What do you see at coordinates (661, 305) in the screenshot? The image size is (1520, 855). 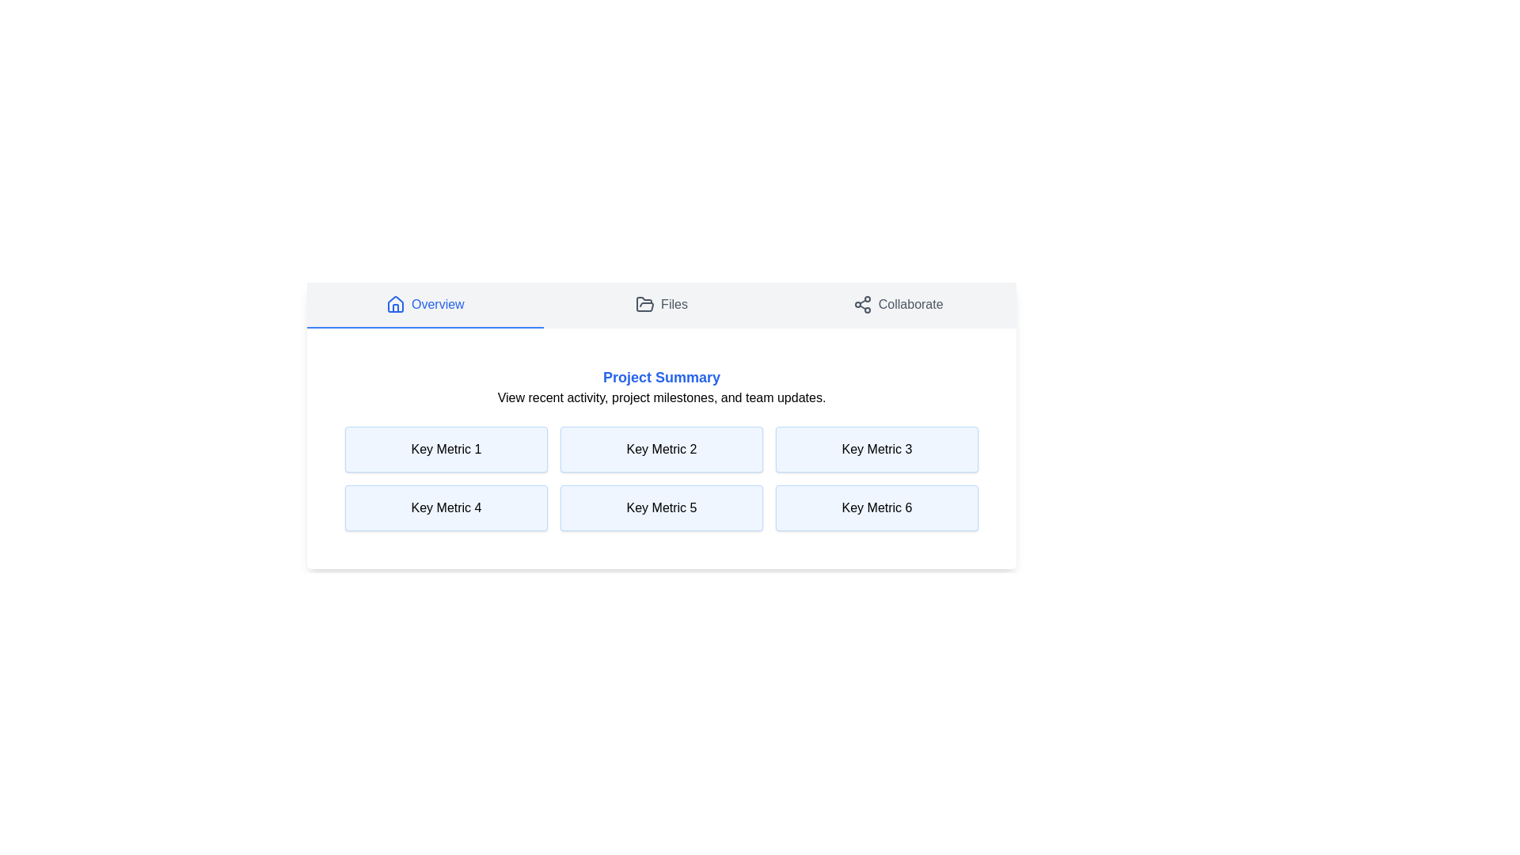 I see `the 'Files' navigation button, located in the center of the top navigation bar between 'Overview' and 'Collaborate'` at bounding box center [661, 305].